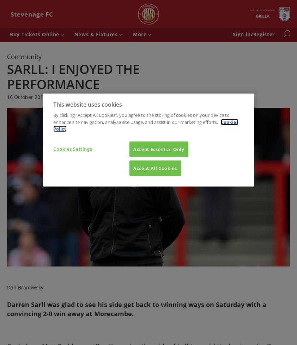  Describe the element at coordinates (73, 76) in the screenshot. I see `'SARLL: I ENJOYED THE PERFORMANCE'` at that location.